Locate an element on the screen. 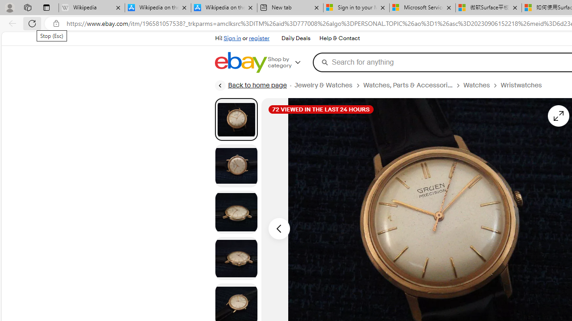 This screenshot has height=321, width=572. 'Picture 1 of 8' is located at coordinates (236, 119).